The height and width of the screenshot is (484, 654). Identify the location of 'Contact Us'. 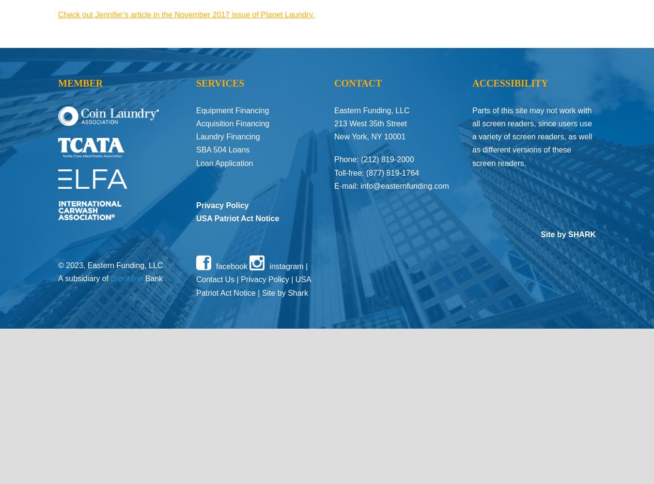
(215, 279).